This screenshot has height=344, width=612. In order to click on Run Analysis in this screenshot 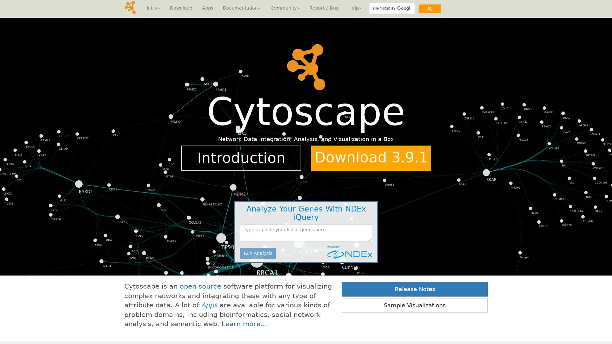, I will do `click(258, 253)`.